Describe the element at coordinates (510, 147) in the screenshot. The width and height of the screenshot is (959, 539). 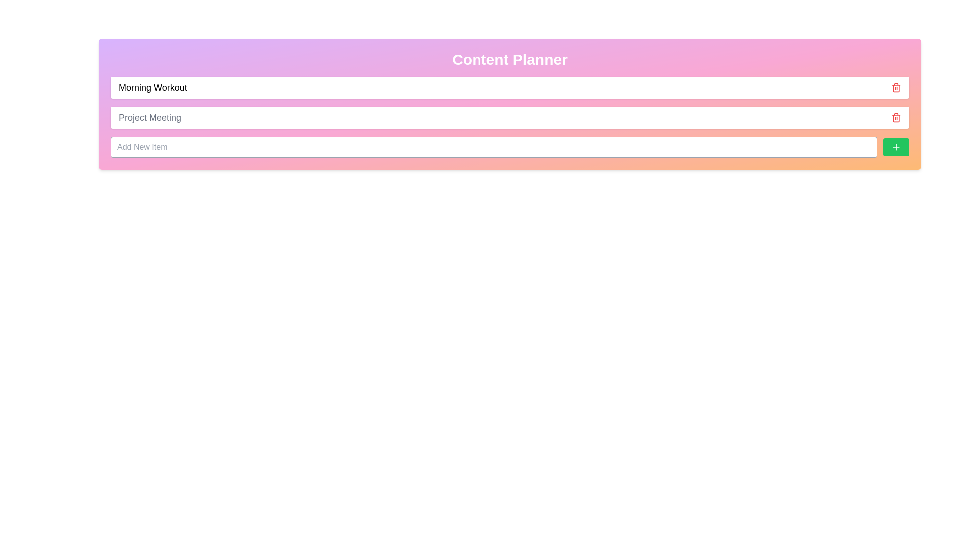
I see `the button element located at the bottom of the task list section, adjacent to the input field for adding a new task` at that location.